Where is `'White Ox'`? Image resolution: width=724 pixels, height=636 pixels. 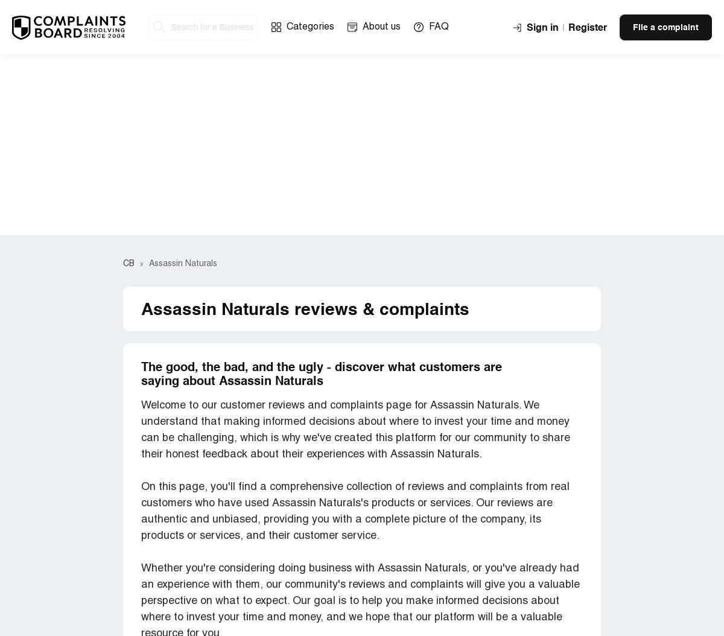
'White Ox' is located at coordinates (158, 66).